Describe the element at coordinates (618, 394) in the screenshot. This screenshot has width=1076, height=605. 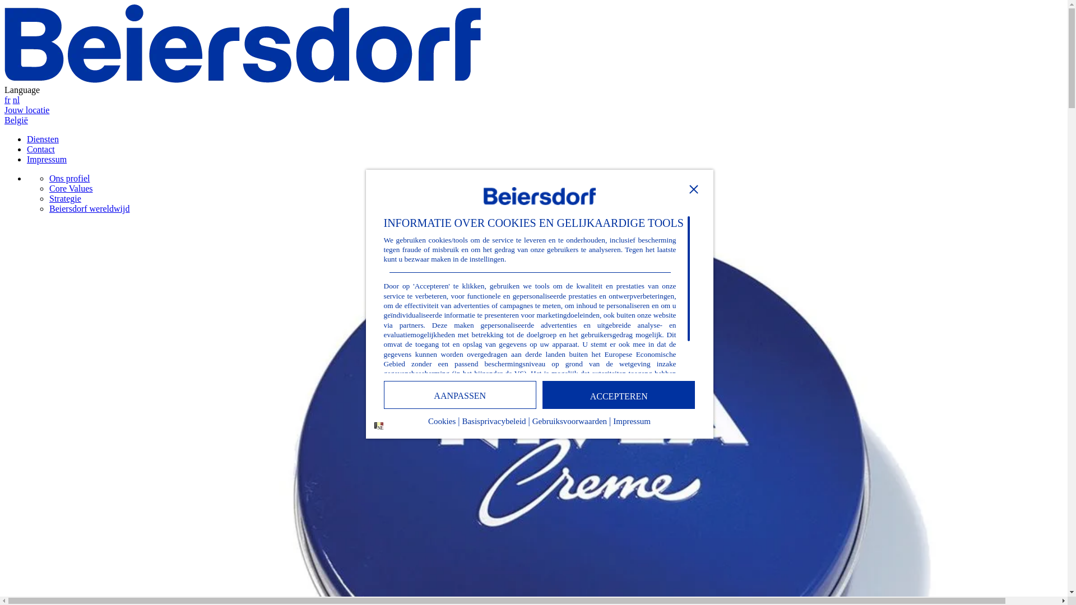
I see `'ACCEPTEREN'` at that location.